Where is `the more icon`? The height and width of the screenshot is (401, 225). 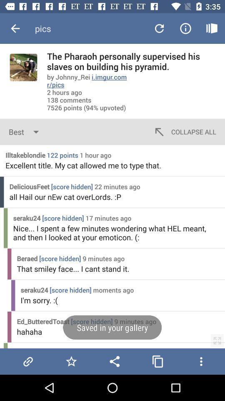
the more icon is located at coordinates (200, 361).